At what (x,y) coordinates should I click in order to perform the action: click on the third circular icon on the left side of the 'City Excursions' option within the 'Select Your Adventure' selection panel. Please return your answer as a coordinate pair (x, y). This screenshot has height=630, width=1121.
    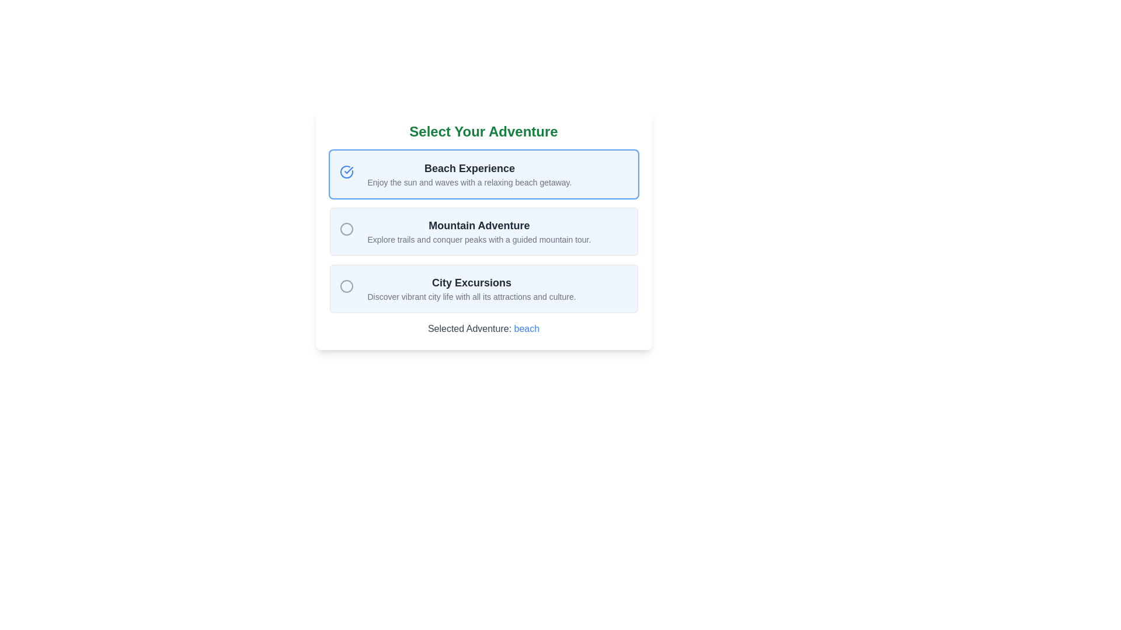
    Looking at the image, I should click on (346, 286).